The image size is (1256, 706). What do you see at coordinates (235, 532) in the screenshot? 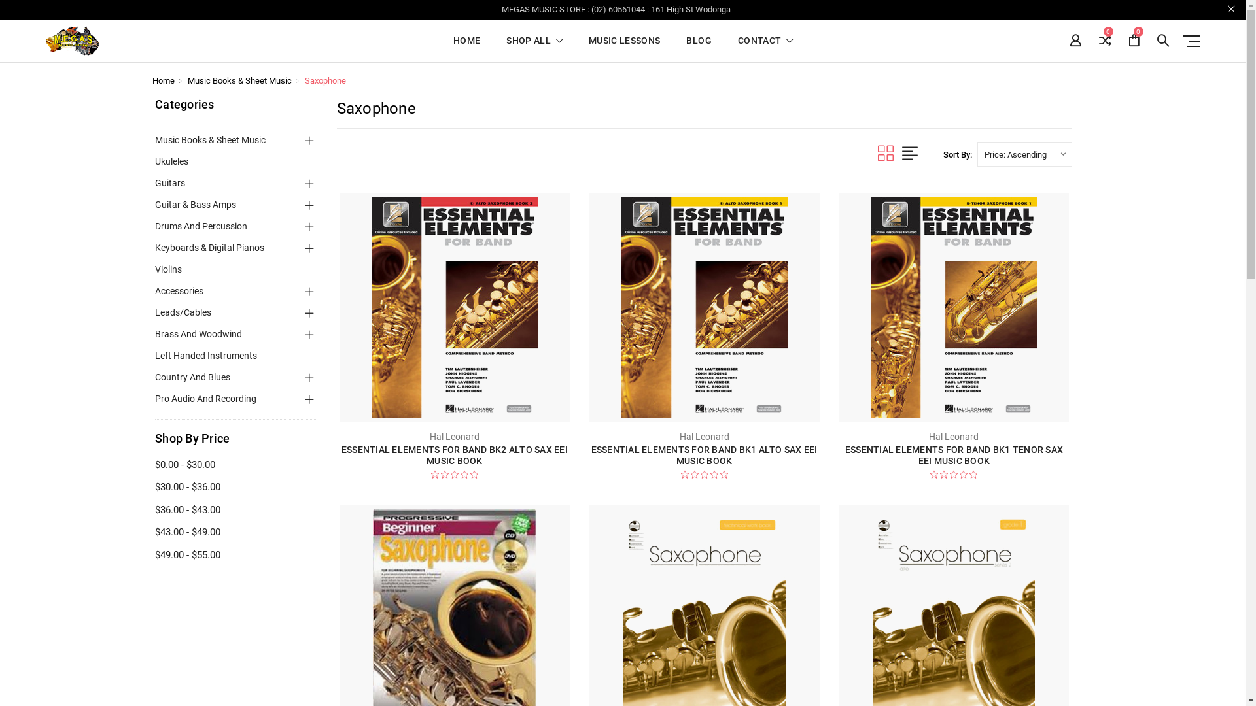
I see `'$43.00 - $49.00'` at bounding box center [235, 532].